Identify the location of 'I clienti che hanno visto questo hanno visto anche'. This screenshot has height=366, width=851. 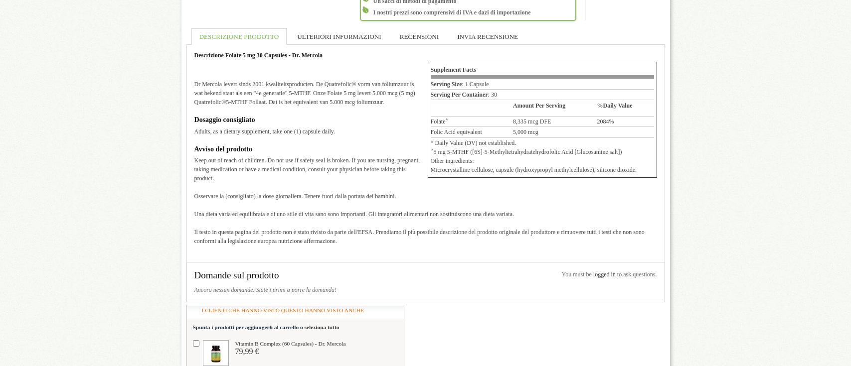
(282, 310).